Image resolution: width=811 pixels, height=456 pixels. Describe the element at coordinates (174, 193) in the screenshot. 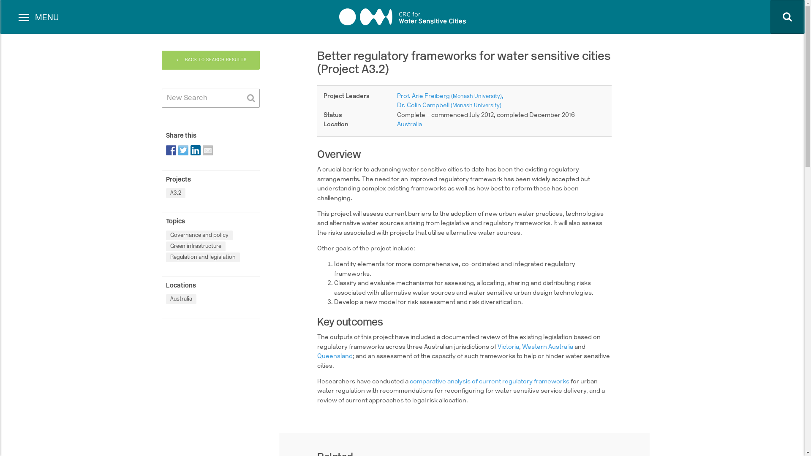

I see `'A3.2'` at that location.